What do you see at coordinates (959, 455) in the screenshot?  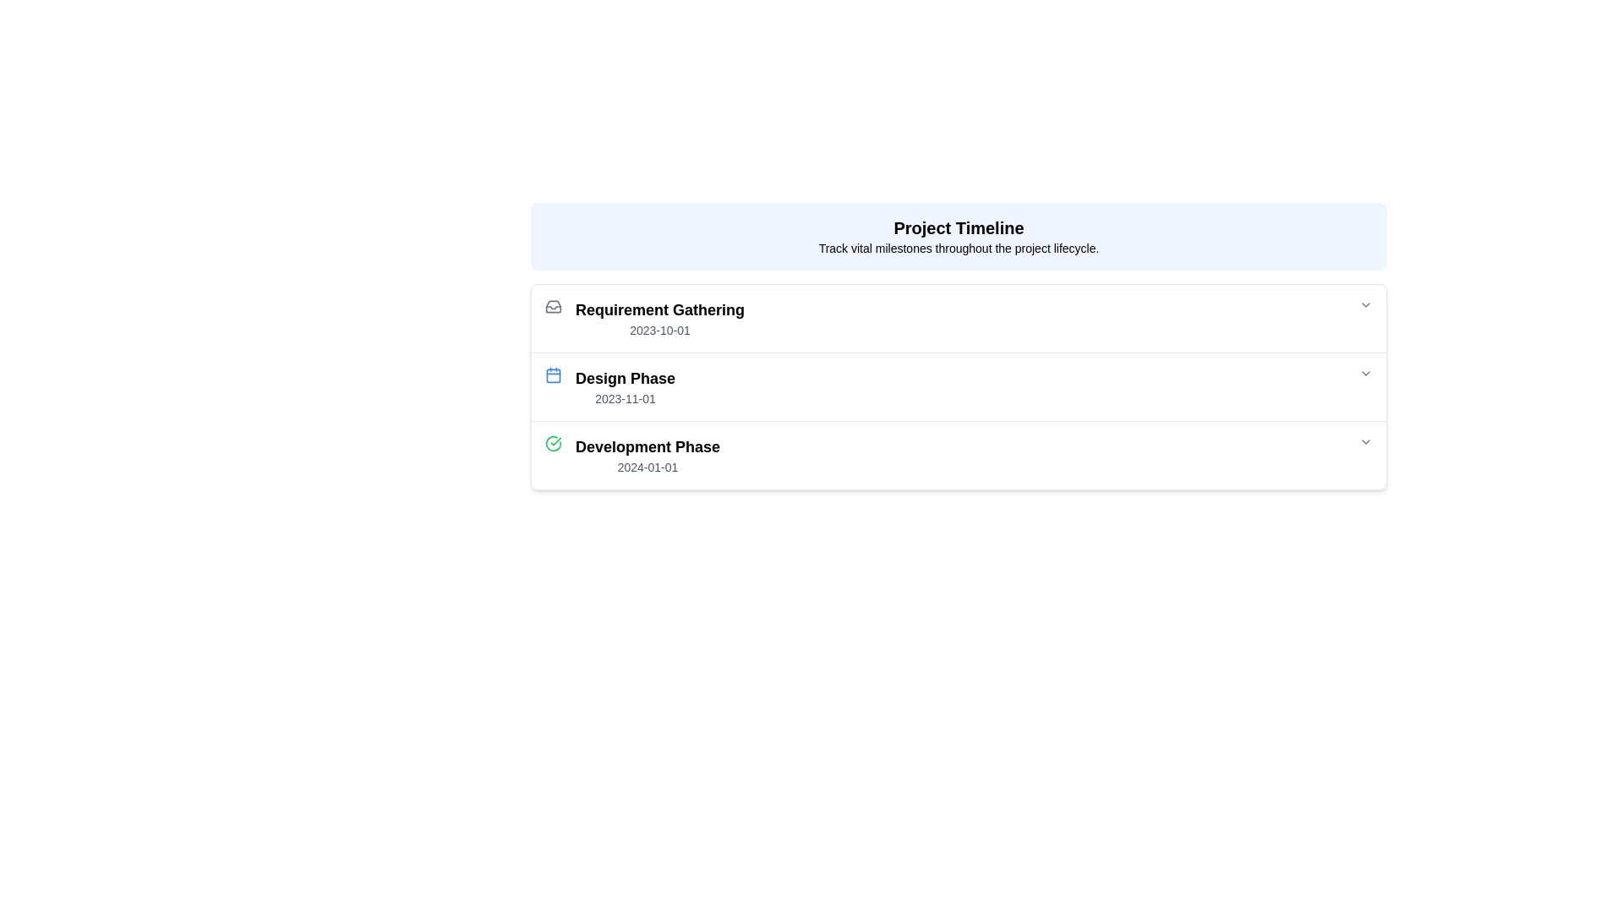 I see `the third list item in the vertical timeline that displays a phase or stage with its title, date, and status, located below 'Requirement Gathering' and 'Design Phase'` at bounding box center [959, 455].